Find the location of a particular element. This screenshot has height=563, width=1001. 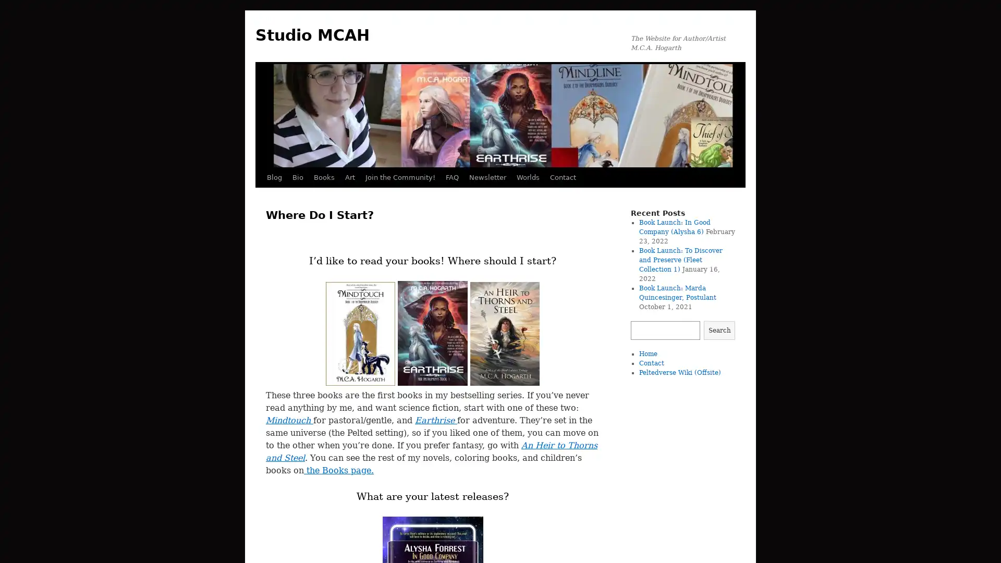

Search is located at coordinates (719, 330).